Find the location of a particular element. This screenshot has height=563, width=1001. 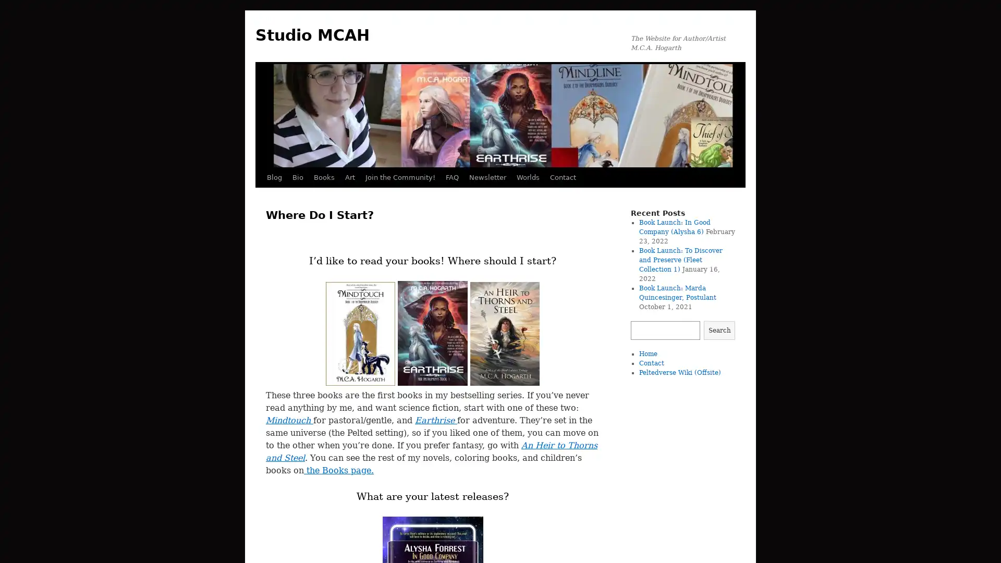

Search is located at coordinates (719, 330).